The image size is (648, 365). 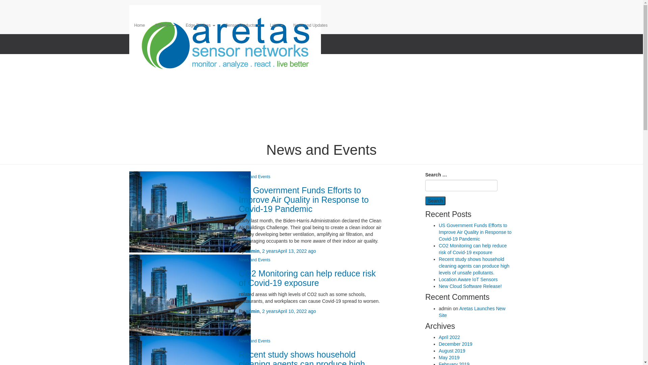 I want to click on 'Search', so click(x=425, y=200).